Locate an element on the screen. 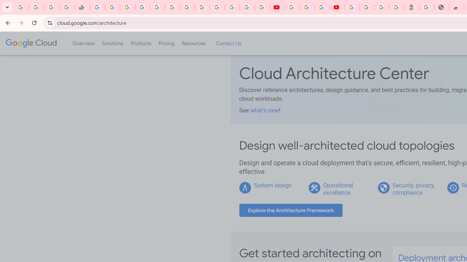 The width and height of the screenshot is (467, 262). 'Atour Hotel - Google hotels' is located at coordinates (412, 7).